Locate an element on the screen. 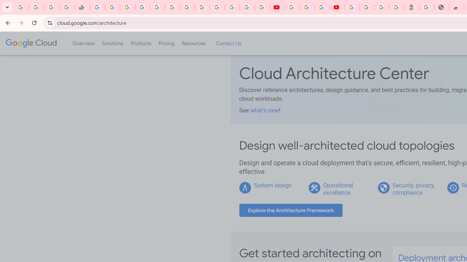 The width and height of the screenshot is (467, 262). 'Atour Hotel - Google hotels' is located at coordinates (412, 7).